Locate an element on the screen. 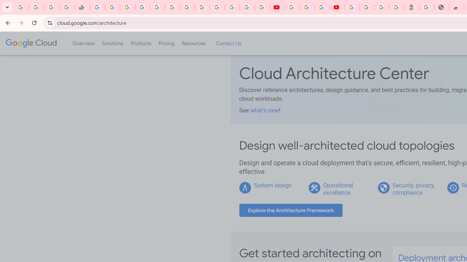 The width and height of the screenshot is (467, 262). 'Atour Hotel - Google hotels' is located at coordinates (412, 7).